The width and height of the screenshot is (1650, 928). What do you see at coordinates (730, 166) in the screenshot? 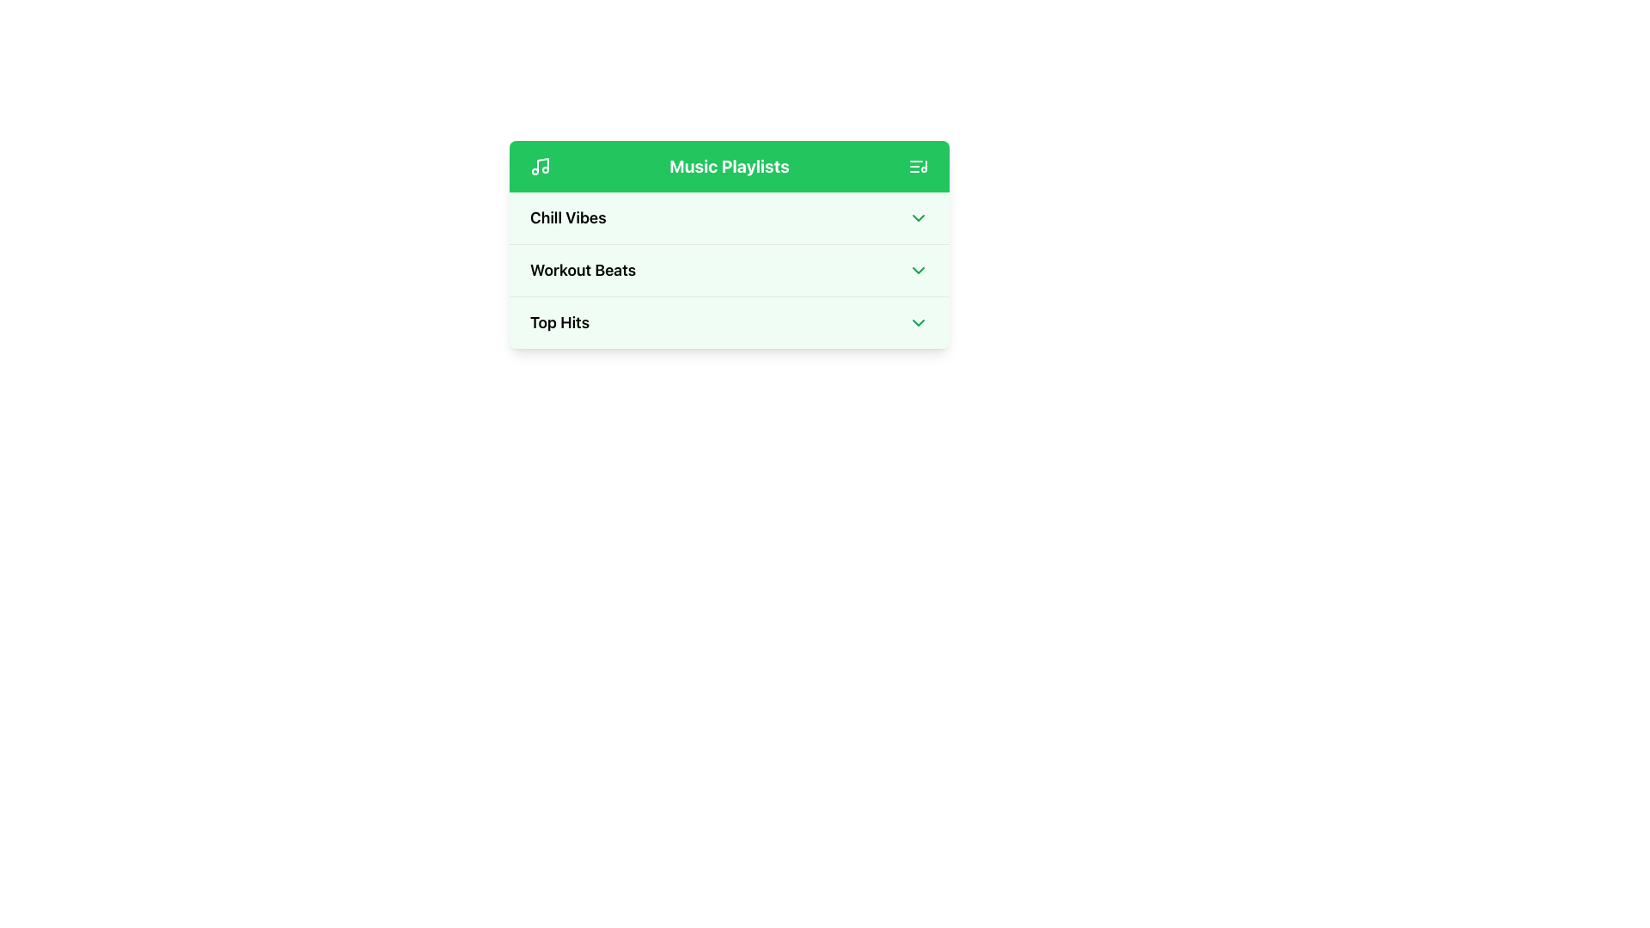
I see `the 'Music Playlists' text label, which is a bold, large white font centered in a green rectangular header area with rounded corners` at bounding box center [730, 166].